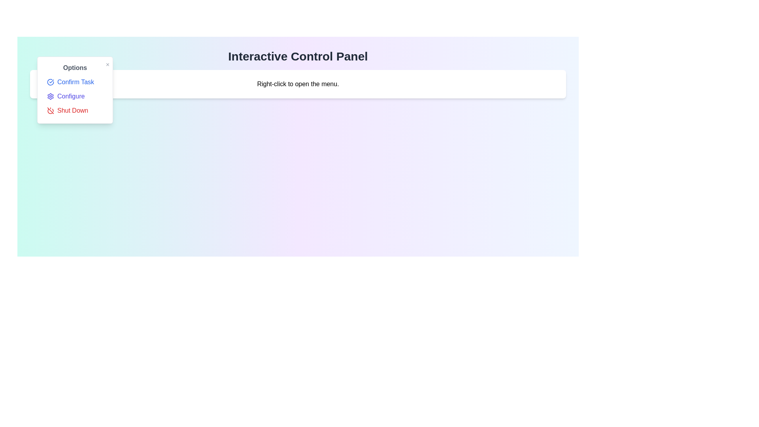  Describe the element at coordinates (75, 111) in the screenshot. I see `the 'Shut Down' option in the menu` at that location.